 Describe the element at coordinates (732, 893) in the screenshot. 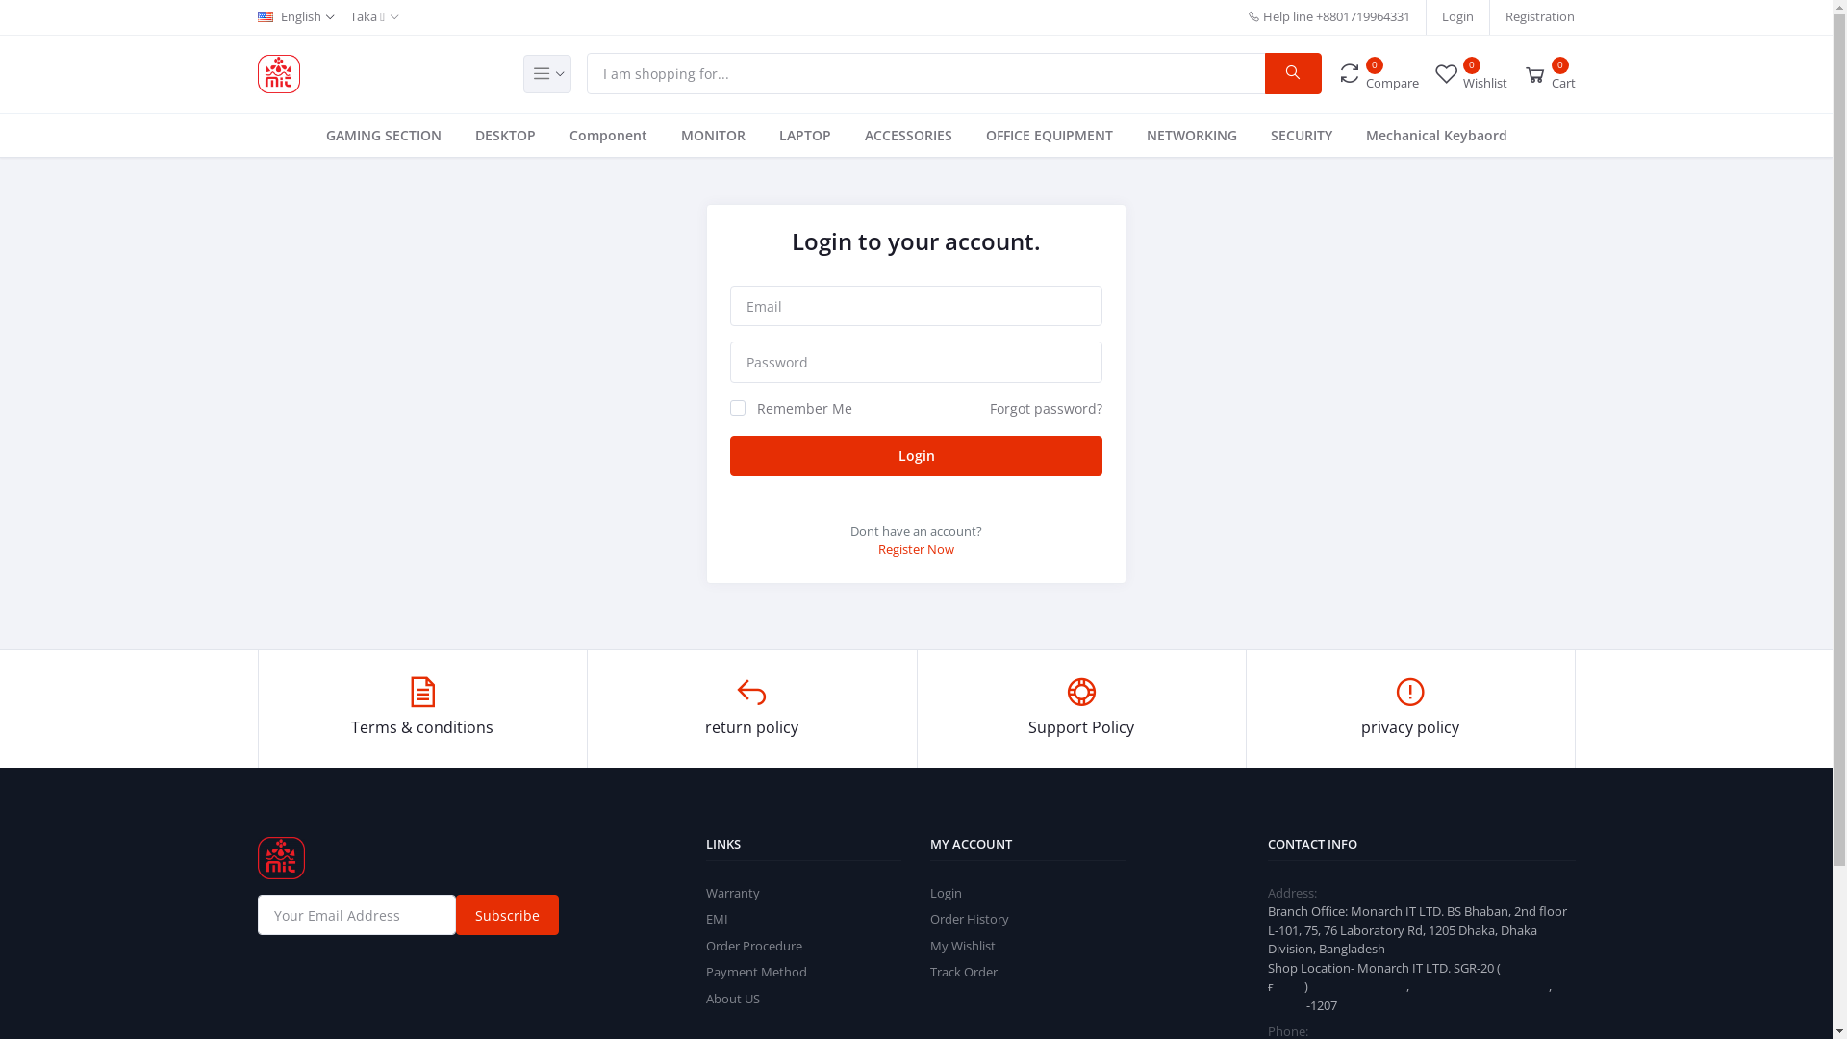

I see `'Warranty'` at that location.